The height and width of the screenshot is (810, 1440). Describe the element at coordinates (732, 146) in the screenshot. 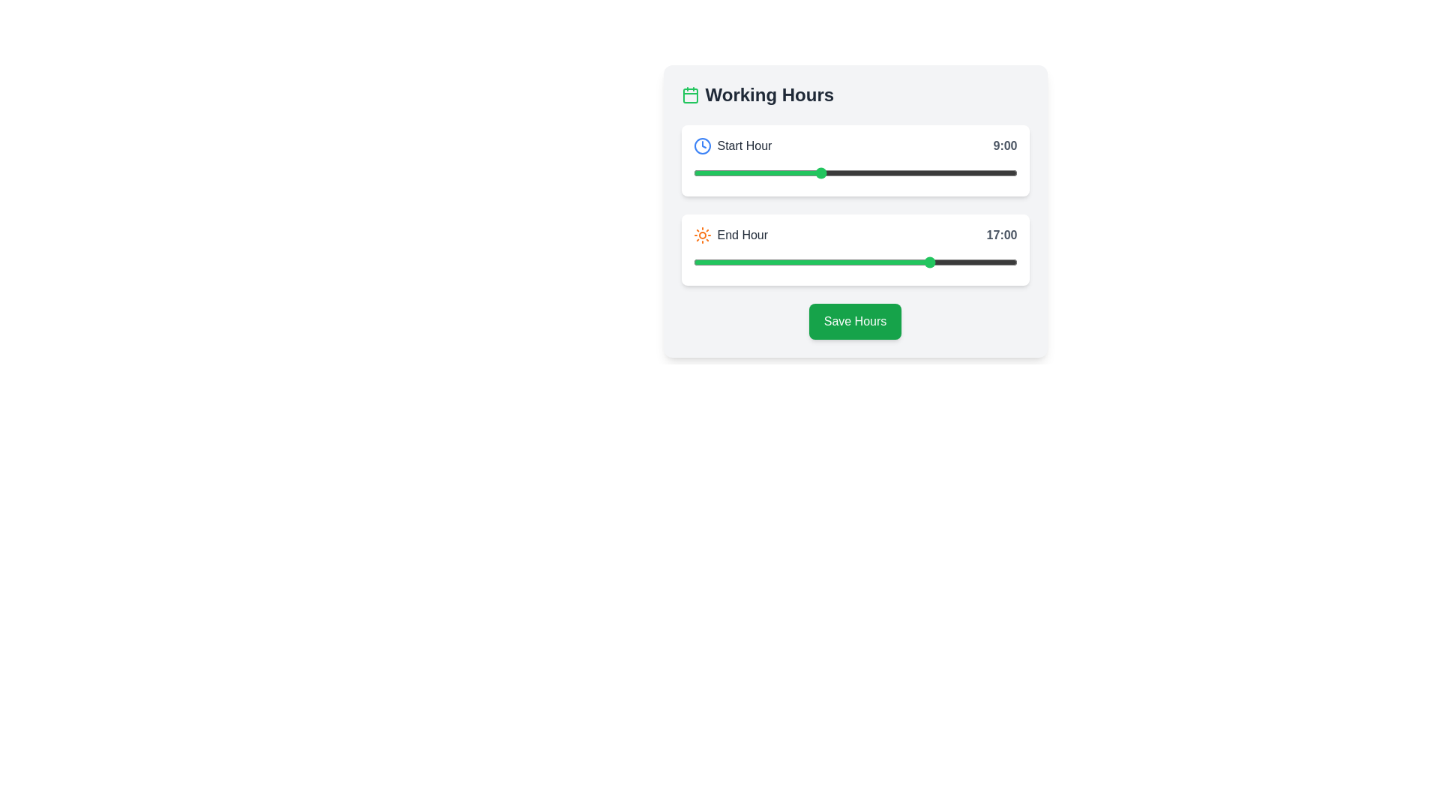

I see `the 'Start Hour' label which features a dark gray text styled in medium-weight font and a blue clock icon to its left` at that location.